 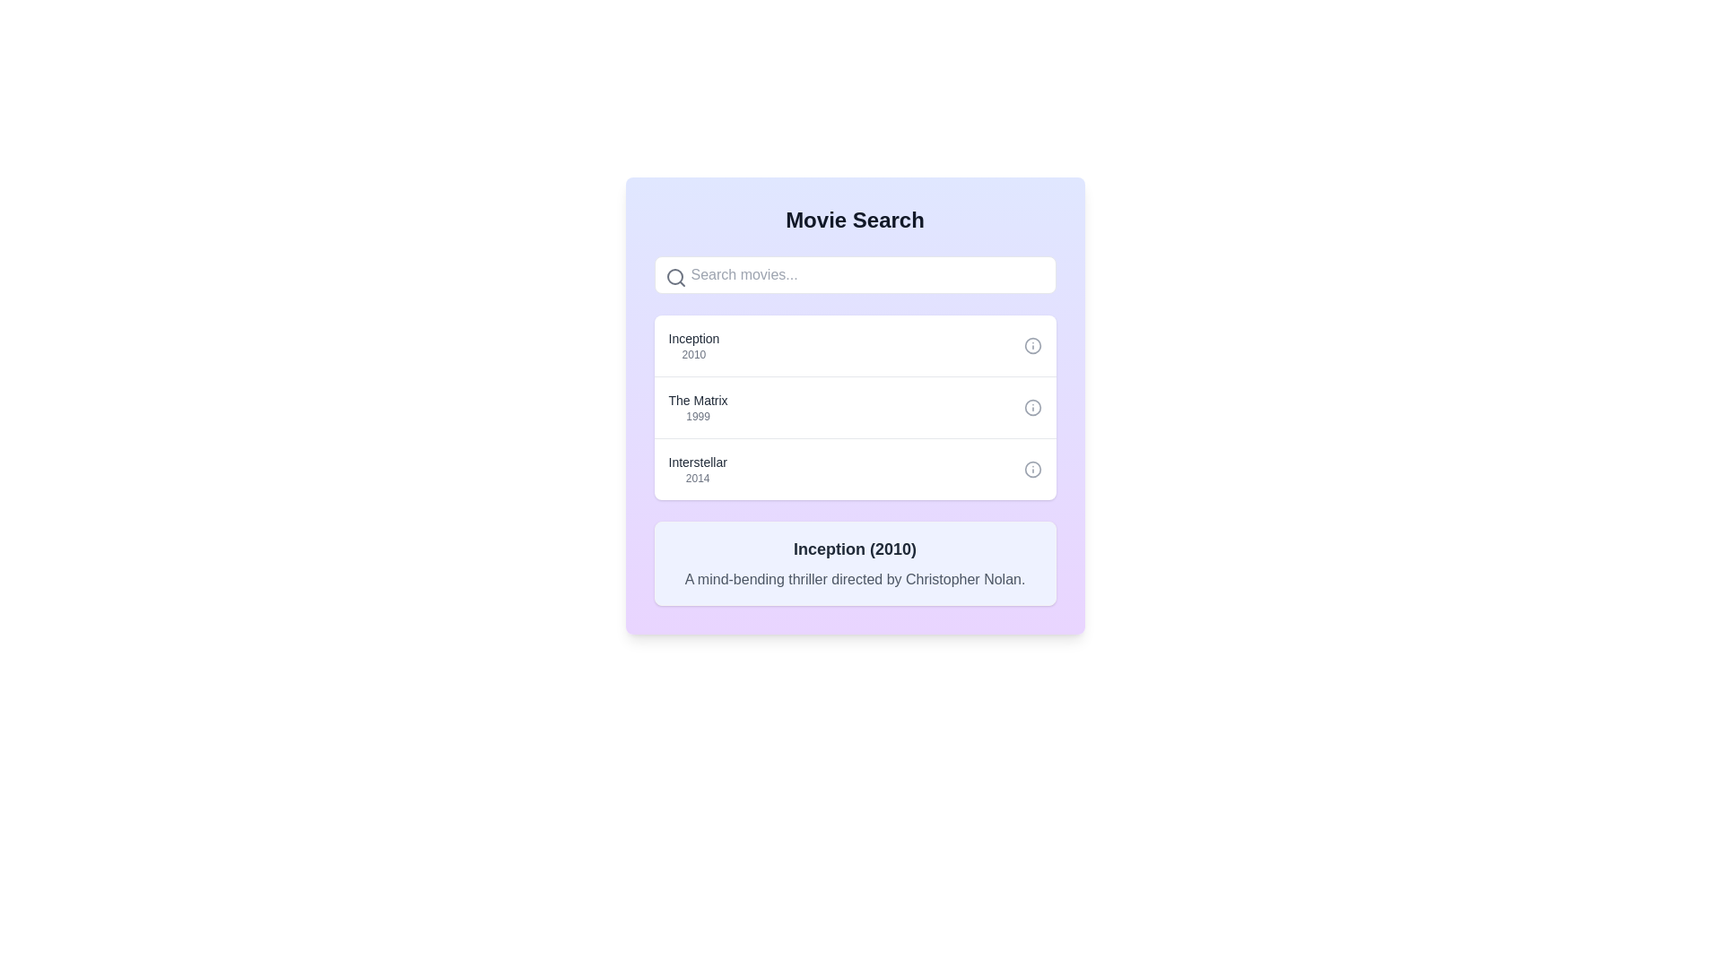 I want to click on to select the movie entry displaying 'The Matrix (1999)' from the list of movies, so click(x=854, y=407).